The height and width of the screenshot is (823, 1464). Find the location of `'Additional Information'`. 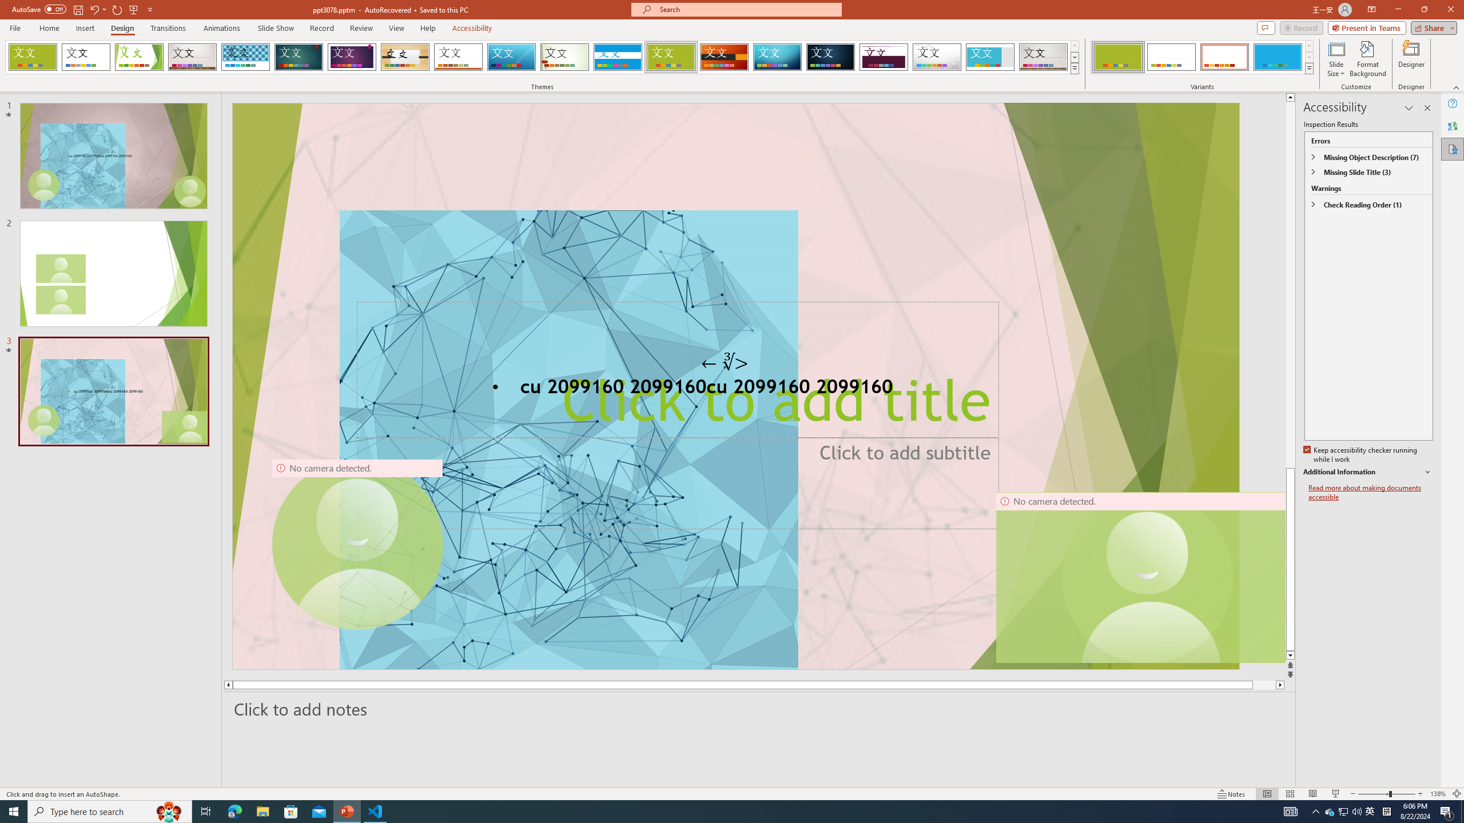

'Additional Information' is located at coordinates (1368, 472).